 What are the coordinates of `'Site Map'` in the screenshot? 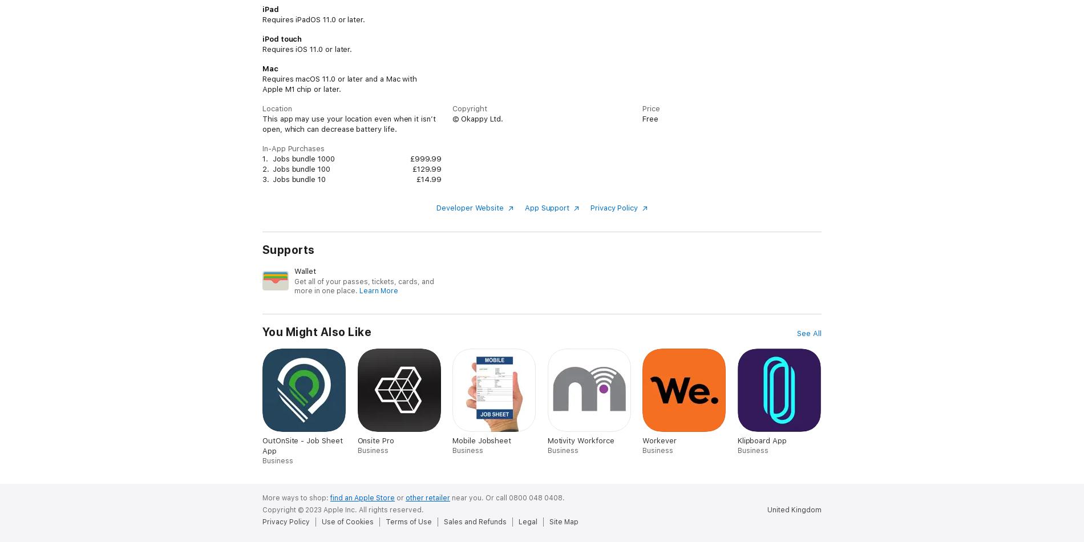 It's located at (564, 520).